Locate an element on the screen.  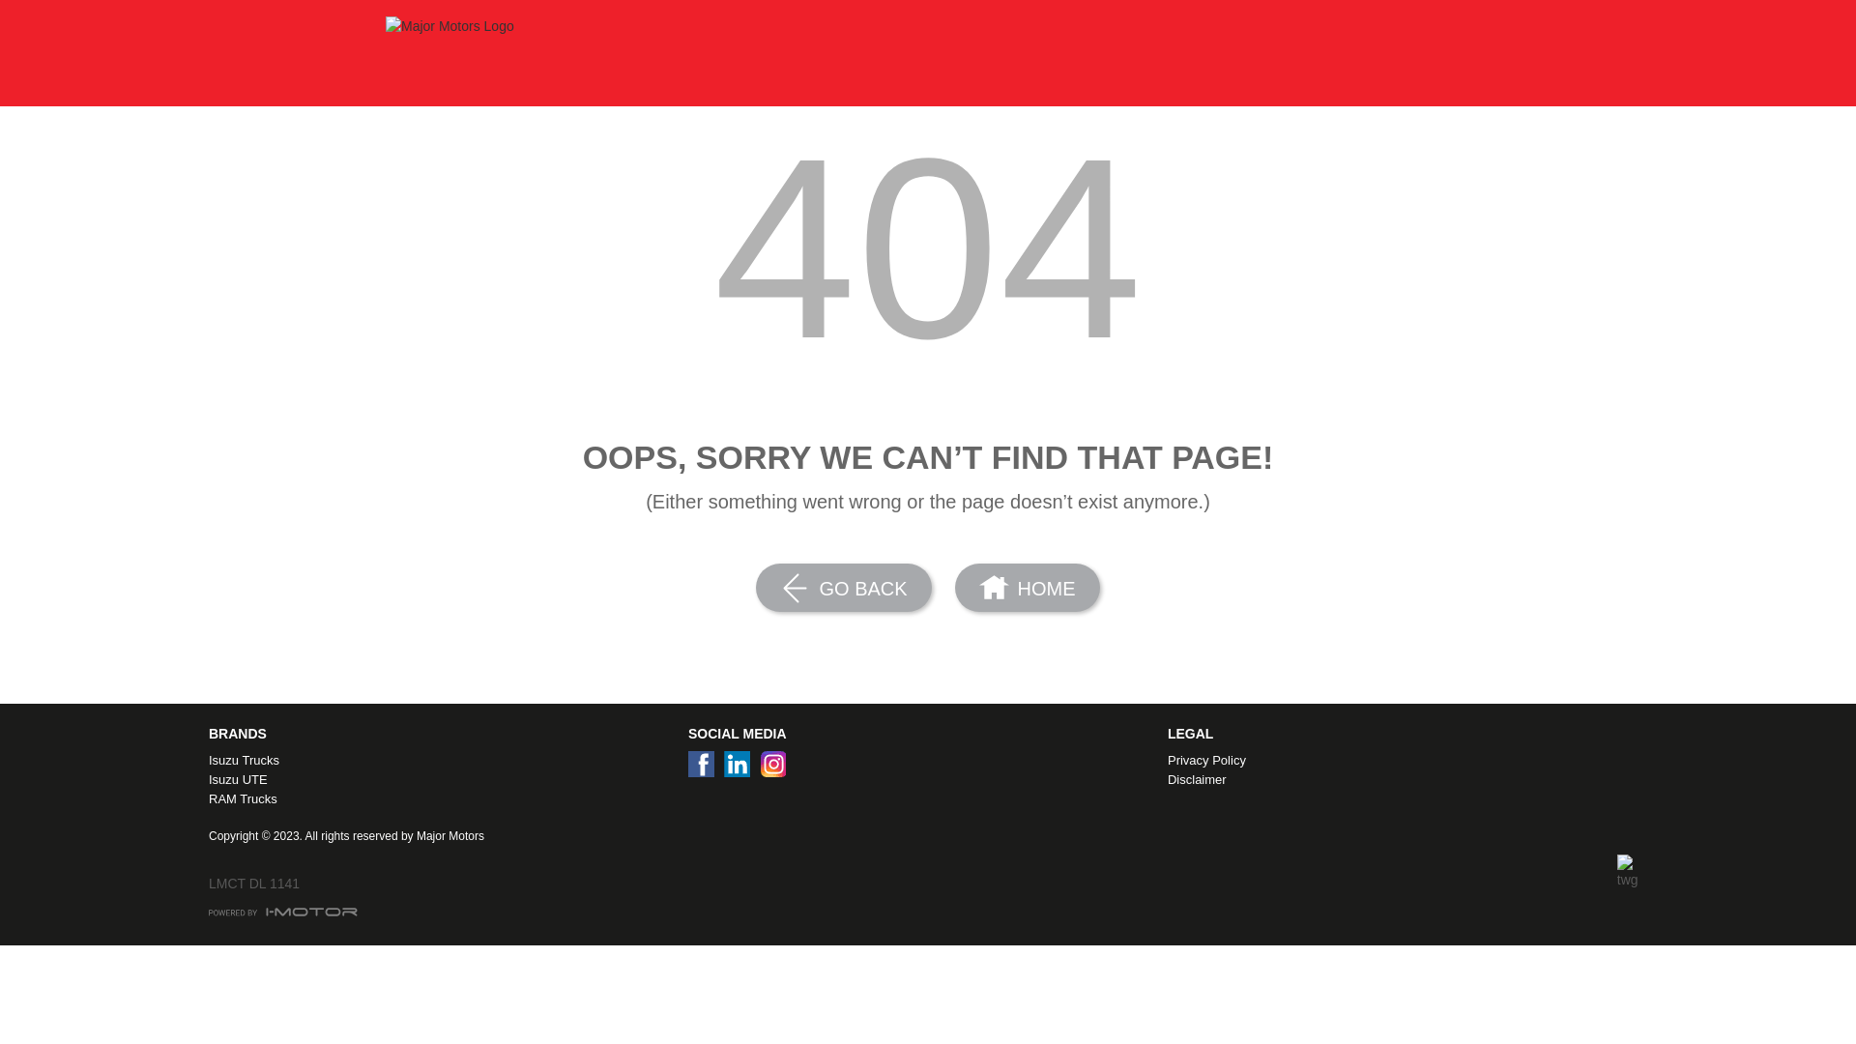
'HOME' is located at coordinates (955, 587).